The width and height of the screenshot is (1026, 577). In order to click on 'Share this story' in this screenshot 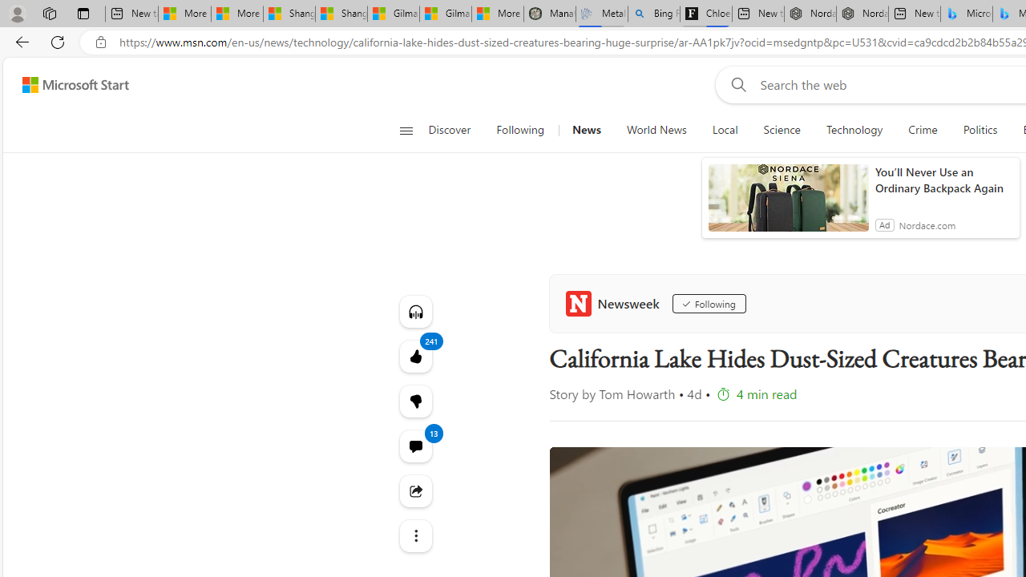, I will do `click(415, 490)`.